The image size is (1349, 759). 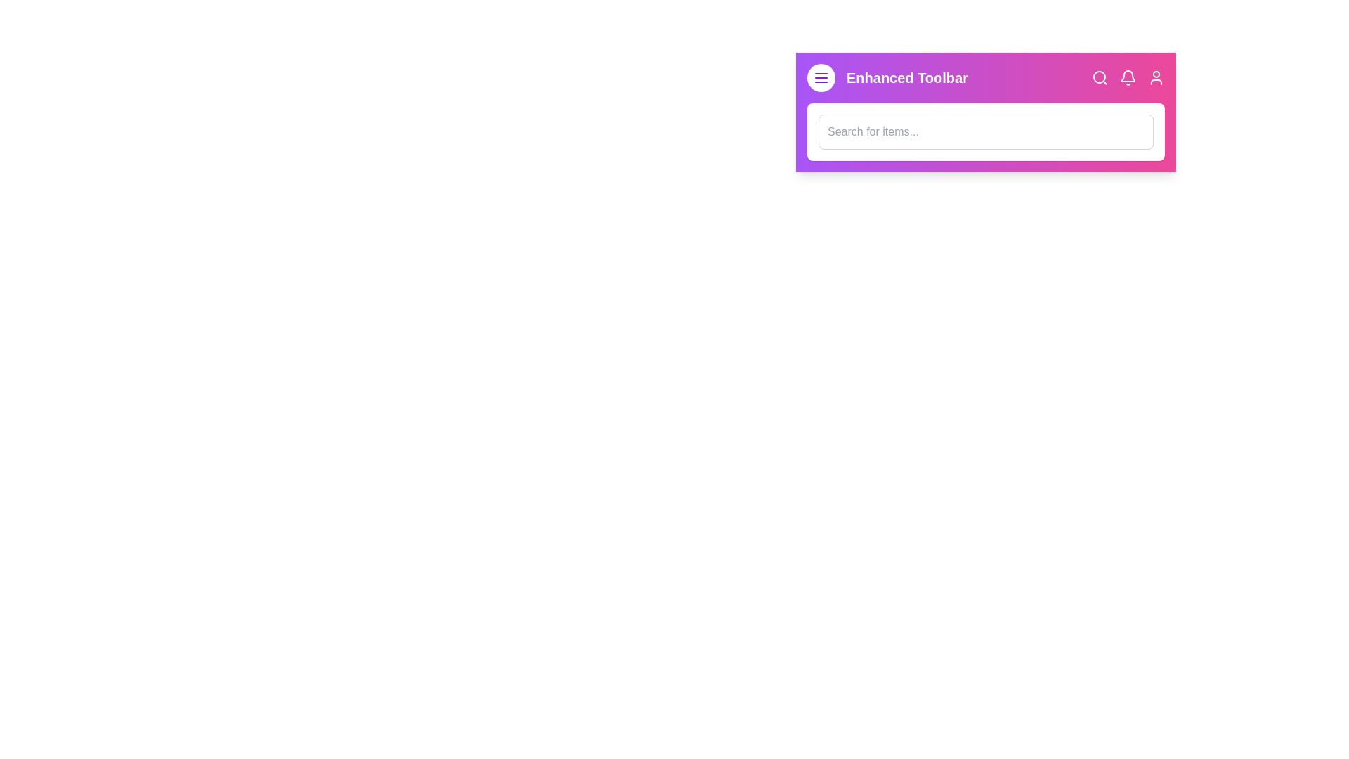 I want to click on the search icon to initiate a search, so click(x=1099, y=78).